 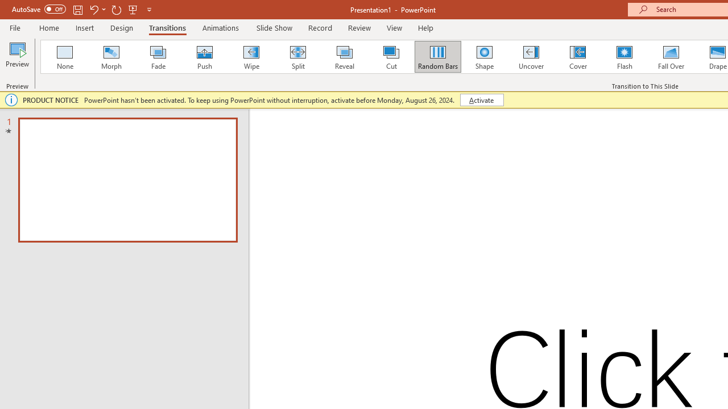 What do you see at coordinates (250, 57) in the screenshot?
I see `'Wipe'` at bounding box center [250, 57].